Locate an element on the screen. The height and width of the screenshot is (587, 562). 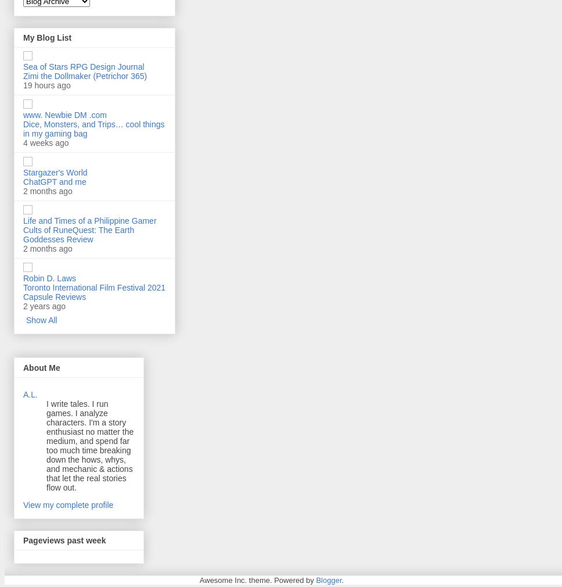
'Blogger' is located at coordinates (315, 580).